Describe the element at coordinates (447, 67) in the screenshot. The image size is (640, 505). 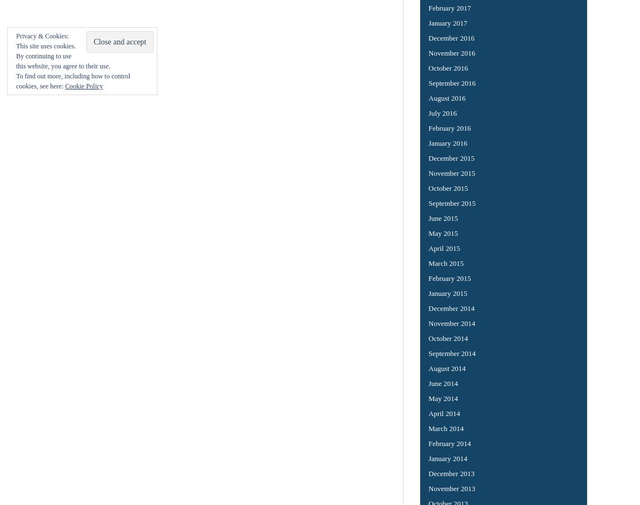
I see `'October 2016'` at that location.